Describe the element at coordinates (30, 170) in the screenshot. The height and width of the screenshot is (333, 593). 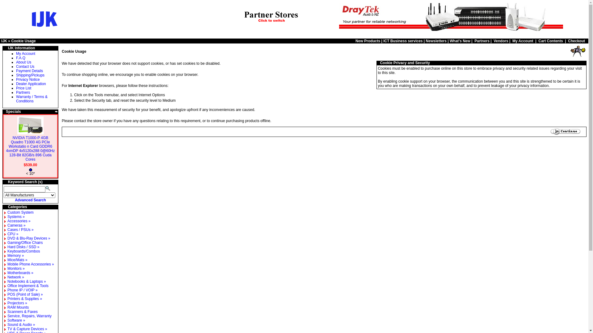
I see `' Low stock level '` at that location.